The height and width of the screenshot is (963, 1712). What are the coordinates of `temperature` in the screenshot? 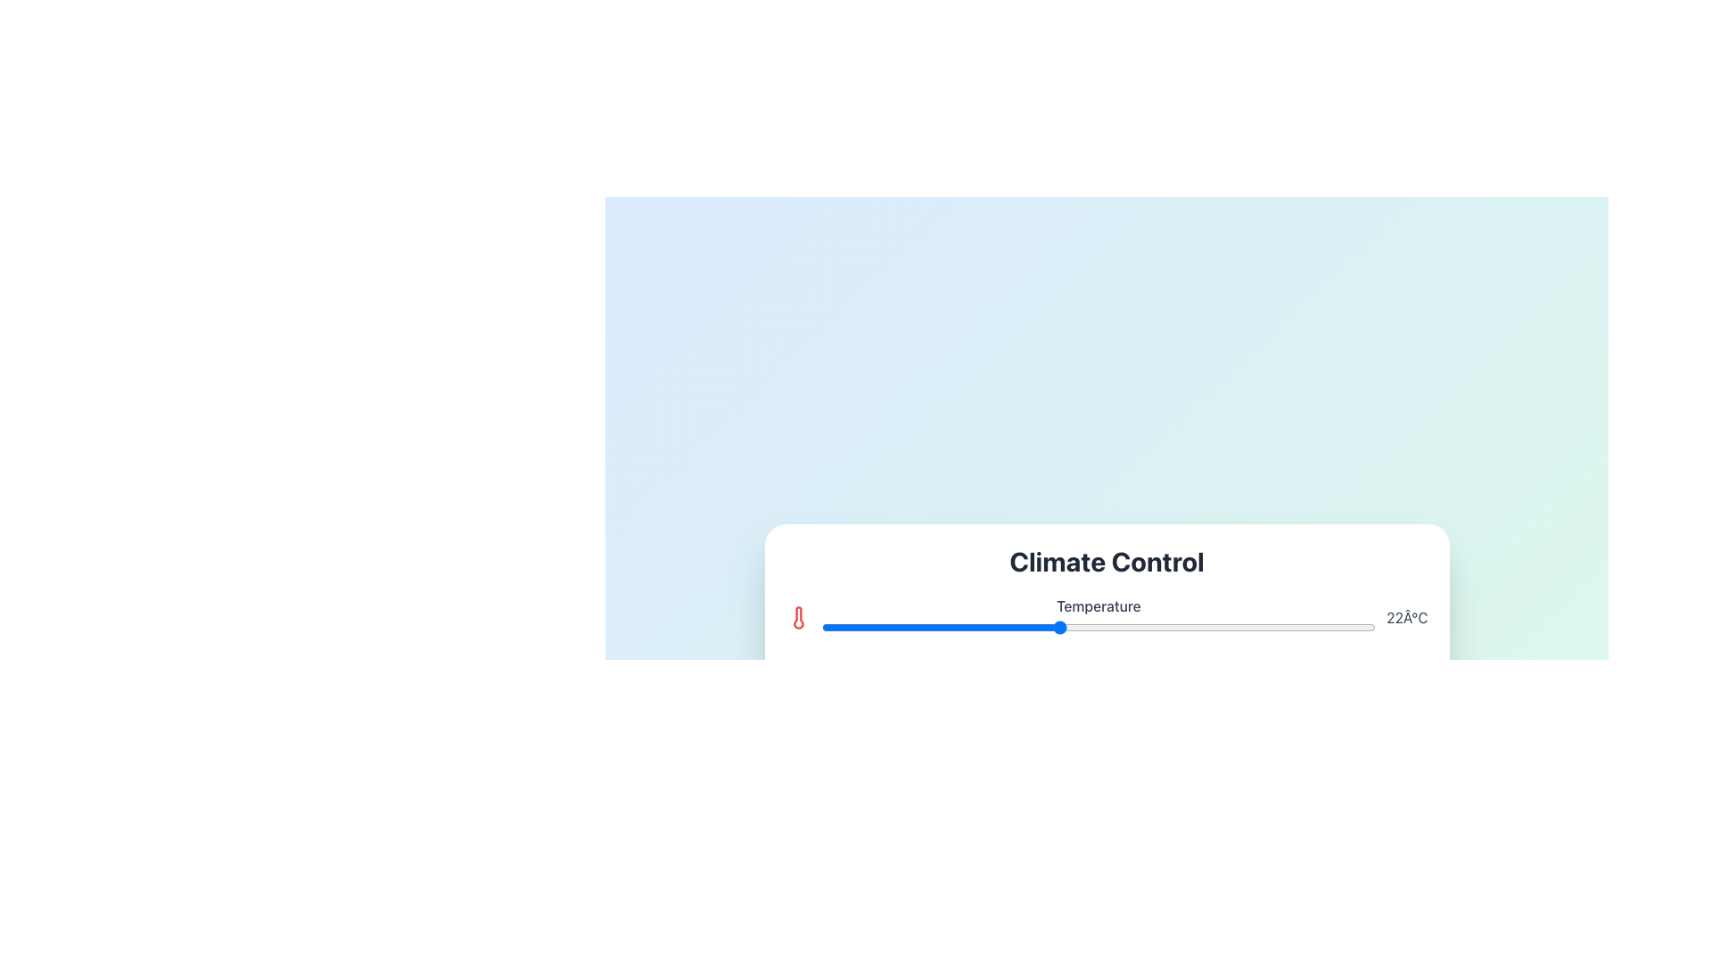 It's located at (1296, 627).